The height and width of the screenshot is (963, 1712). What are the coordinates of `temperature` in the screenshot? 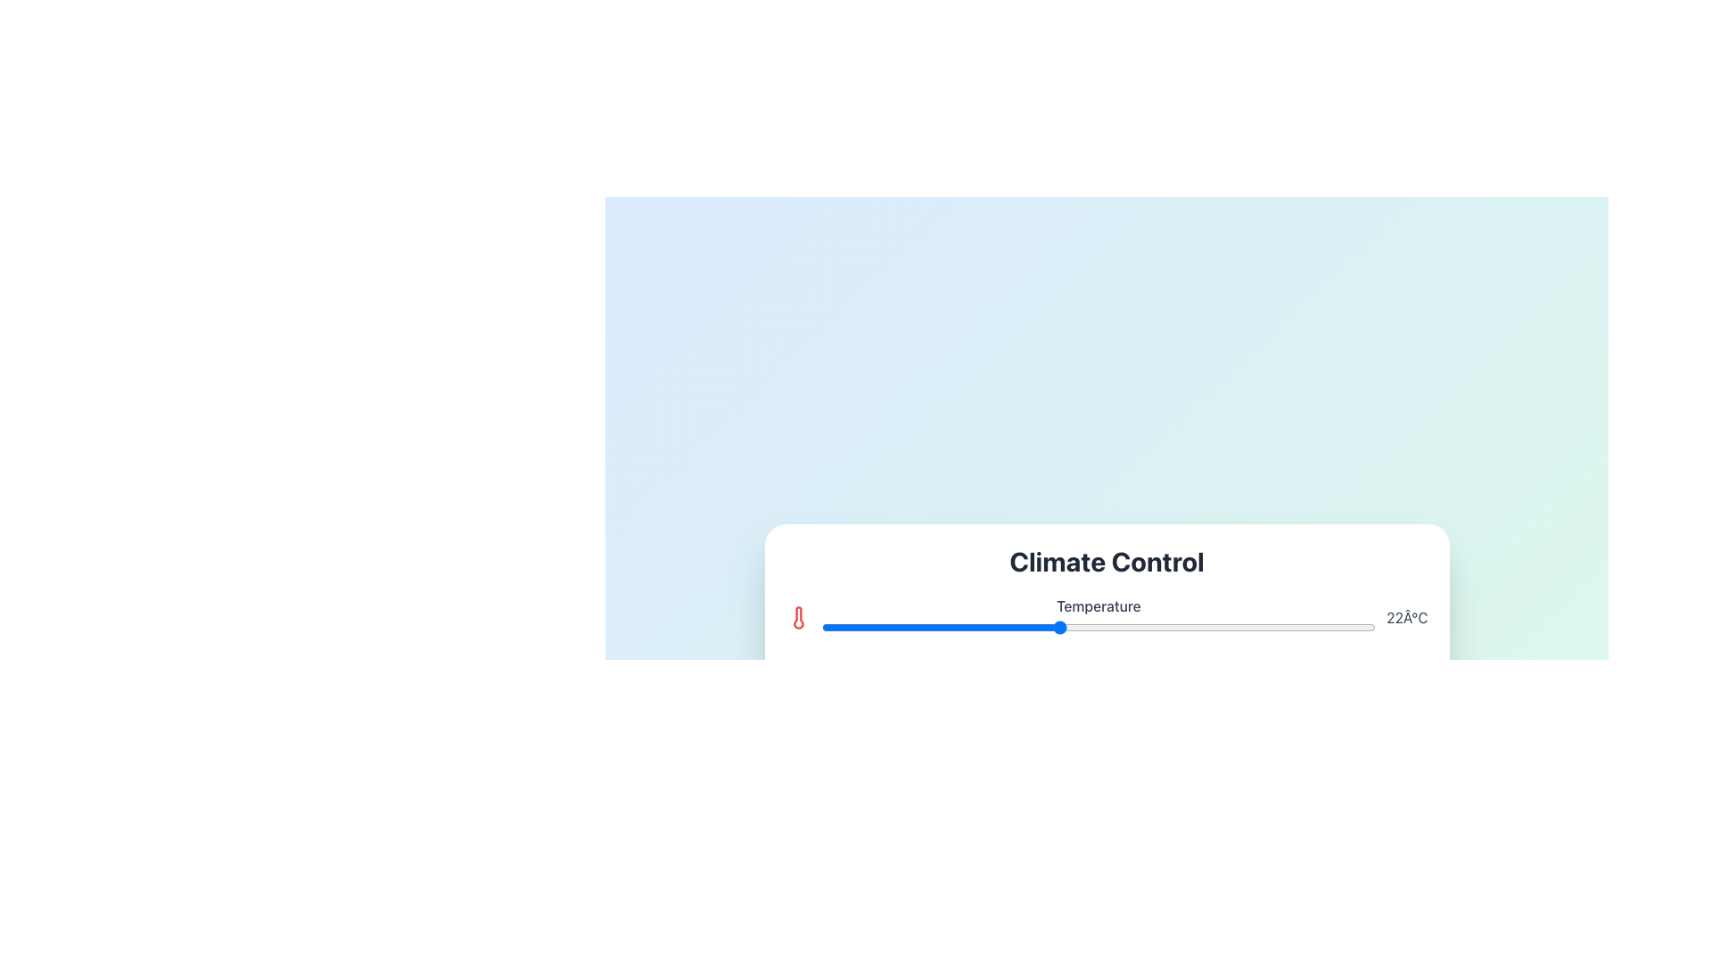 It's located at (1296, 627).